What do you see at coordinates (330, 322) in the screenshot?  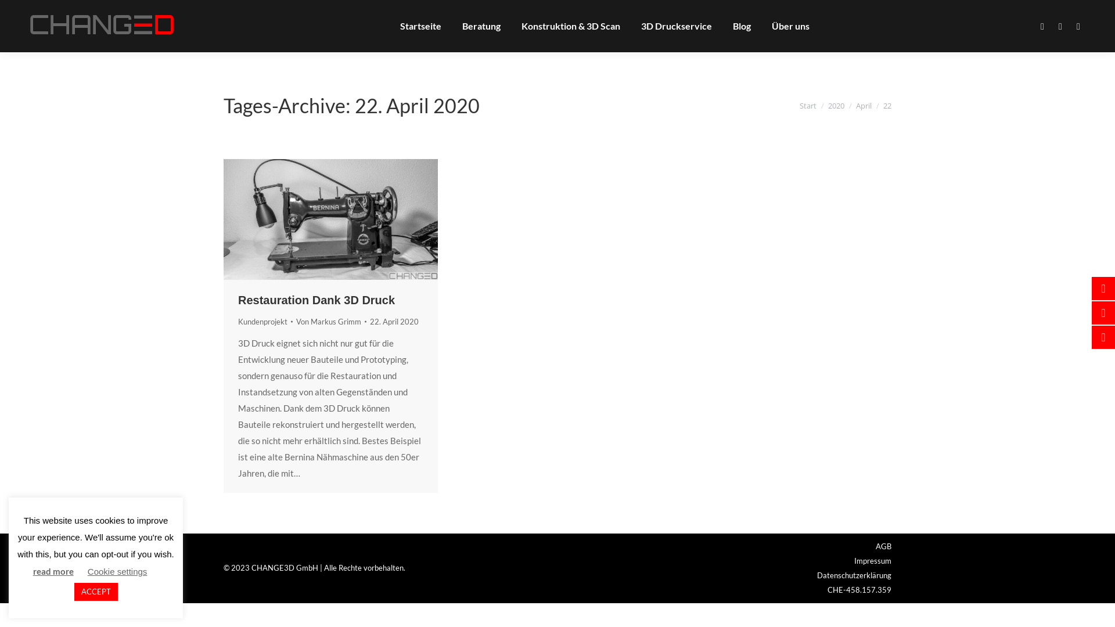 I see `'Von Markus Grimm'` at bounding box center [330, 322].